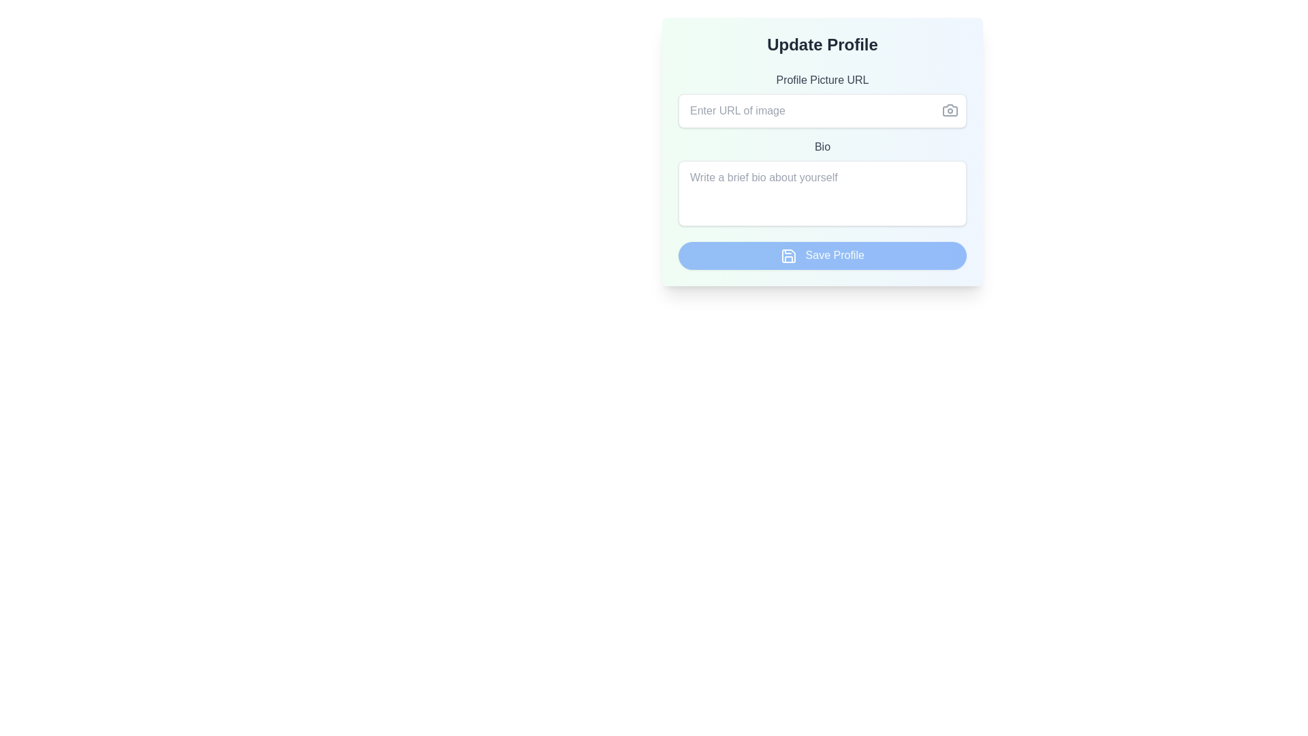 This screenshot has height=736, width=1308. I want to click on the save icon located to the left of the 'Save Profile' button, so click(789, 256).